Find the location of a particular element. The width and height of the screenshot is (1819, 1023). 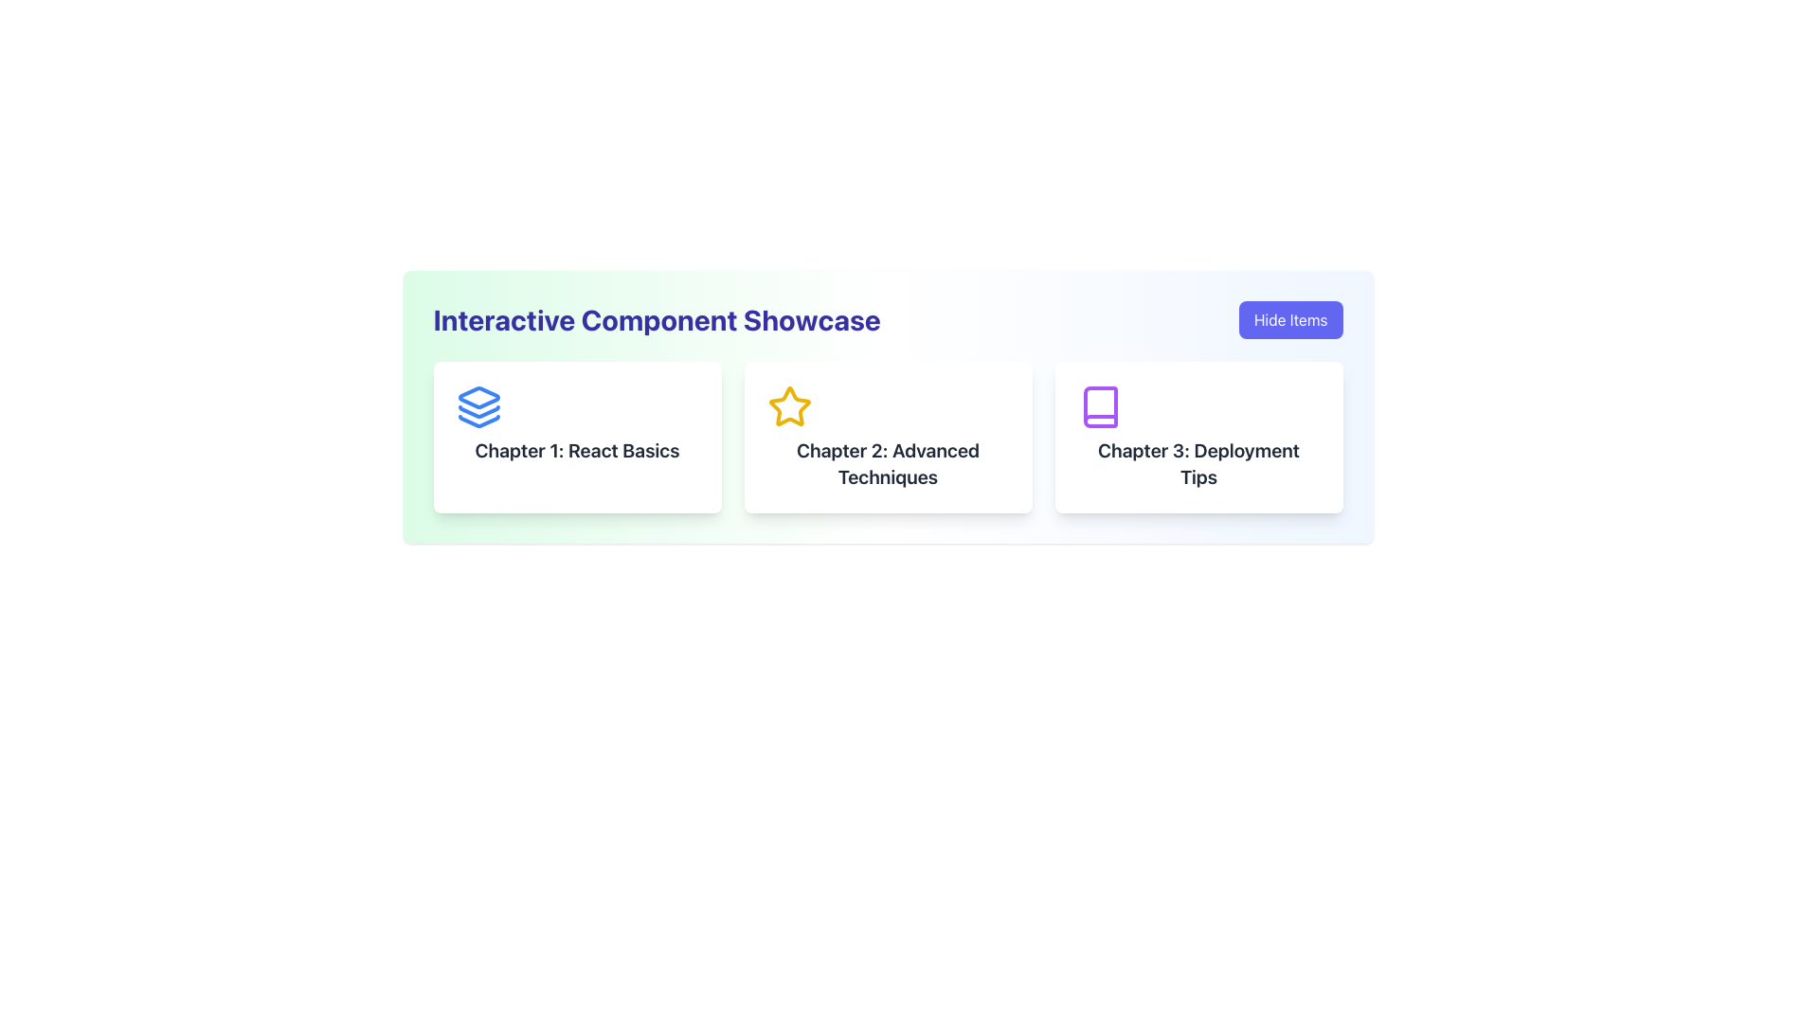

the icon resembling a book cover outlined in purple, located at the top-left corner of the third information card labeled 'Chapter 3: Deployment Tips' is located at coordinates (1100, 405).